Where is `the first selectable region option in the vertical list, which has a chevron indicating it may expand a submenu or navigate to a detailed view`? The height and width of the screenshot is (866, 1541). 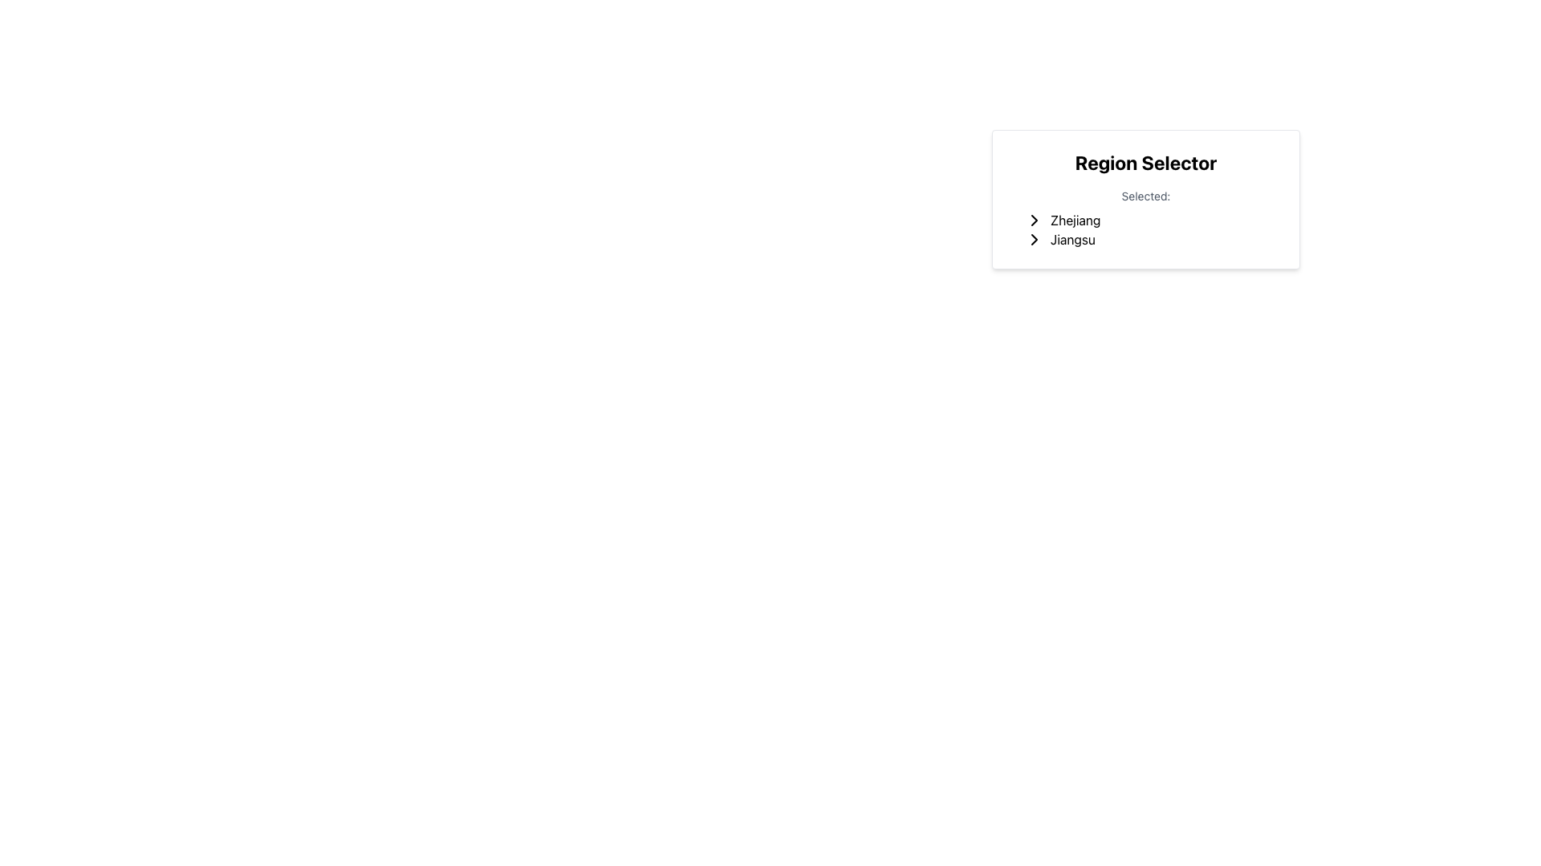
the first selectable region option in the vertical list, which has a chevron indicating it may expand a submenu or navigate to a detailed view is located at coordinates (1151, 220).